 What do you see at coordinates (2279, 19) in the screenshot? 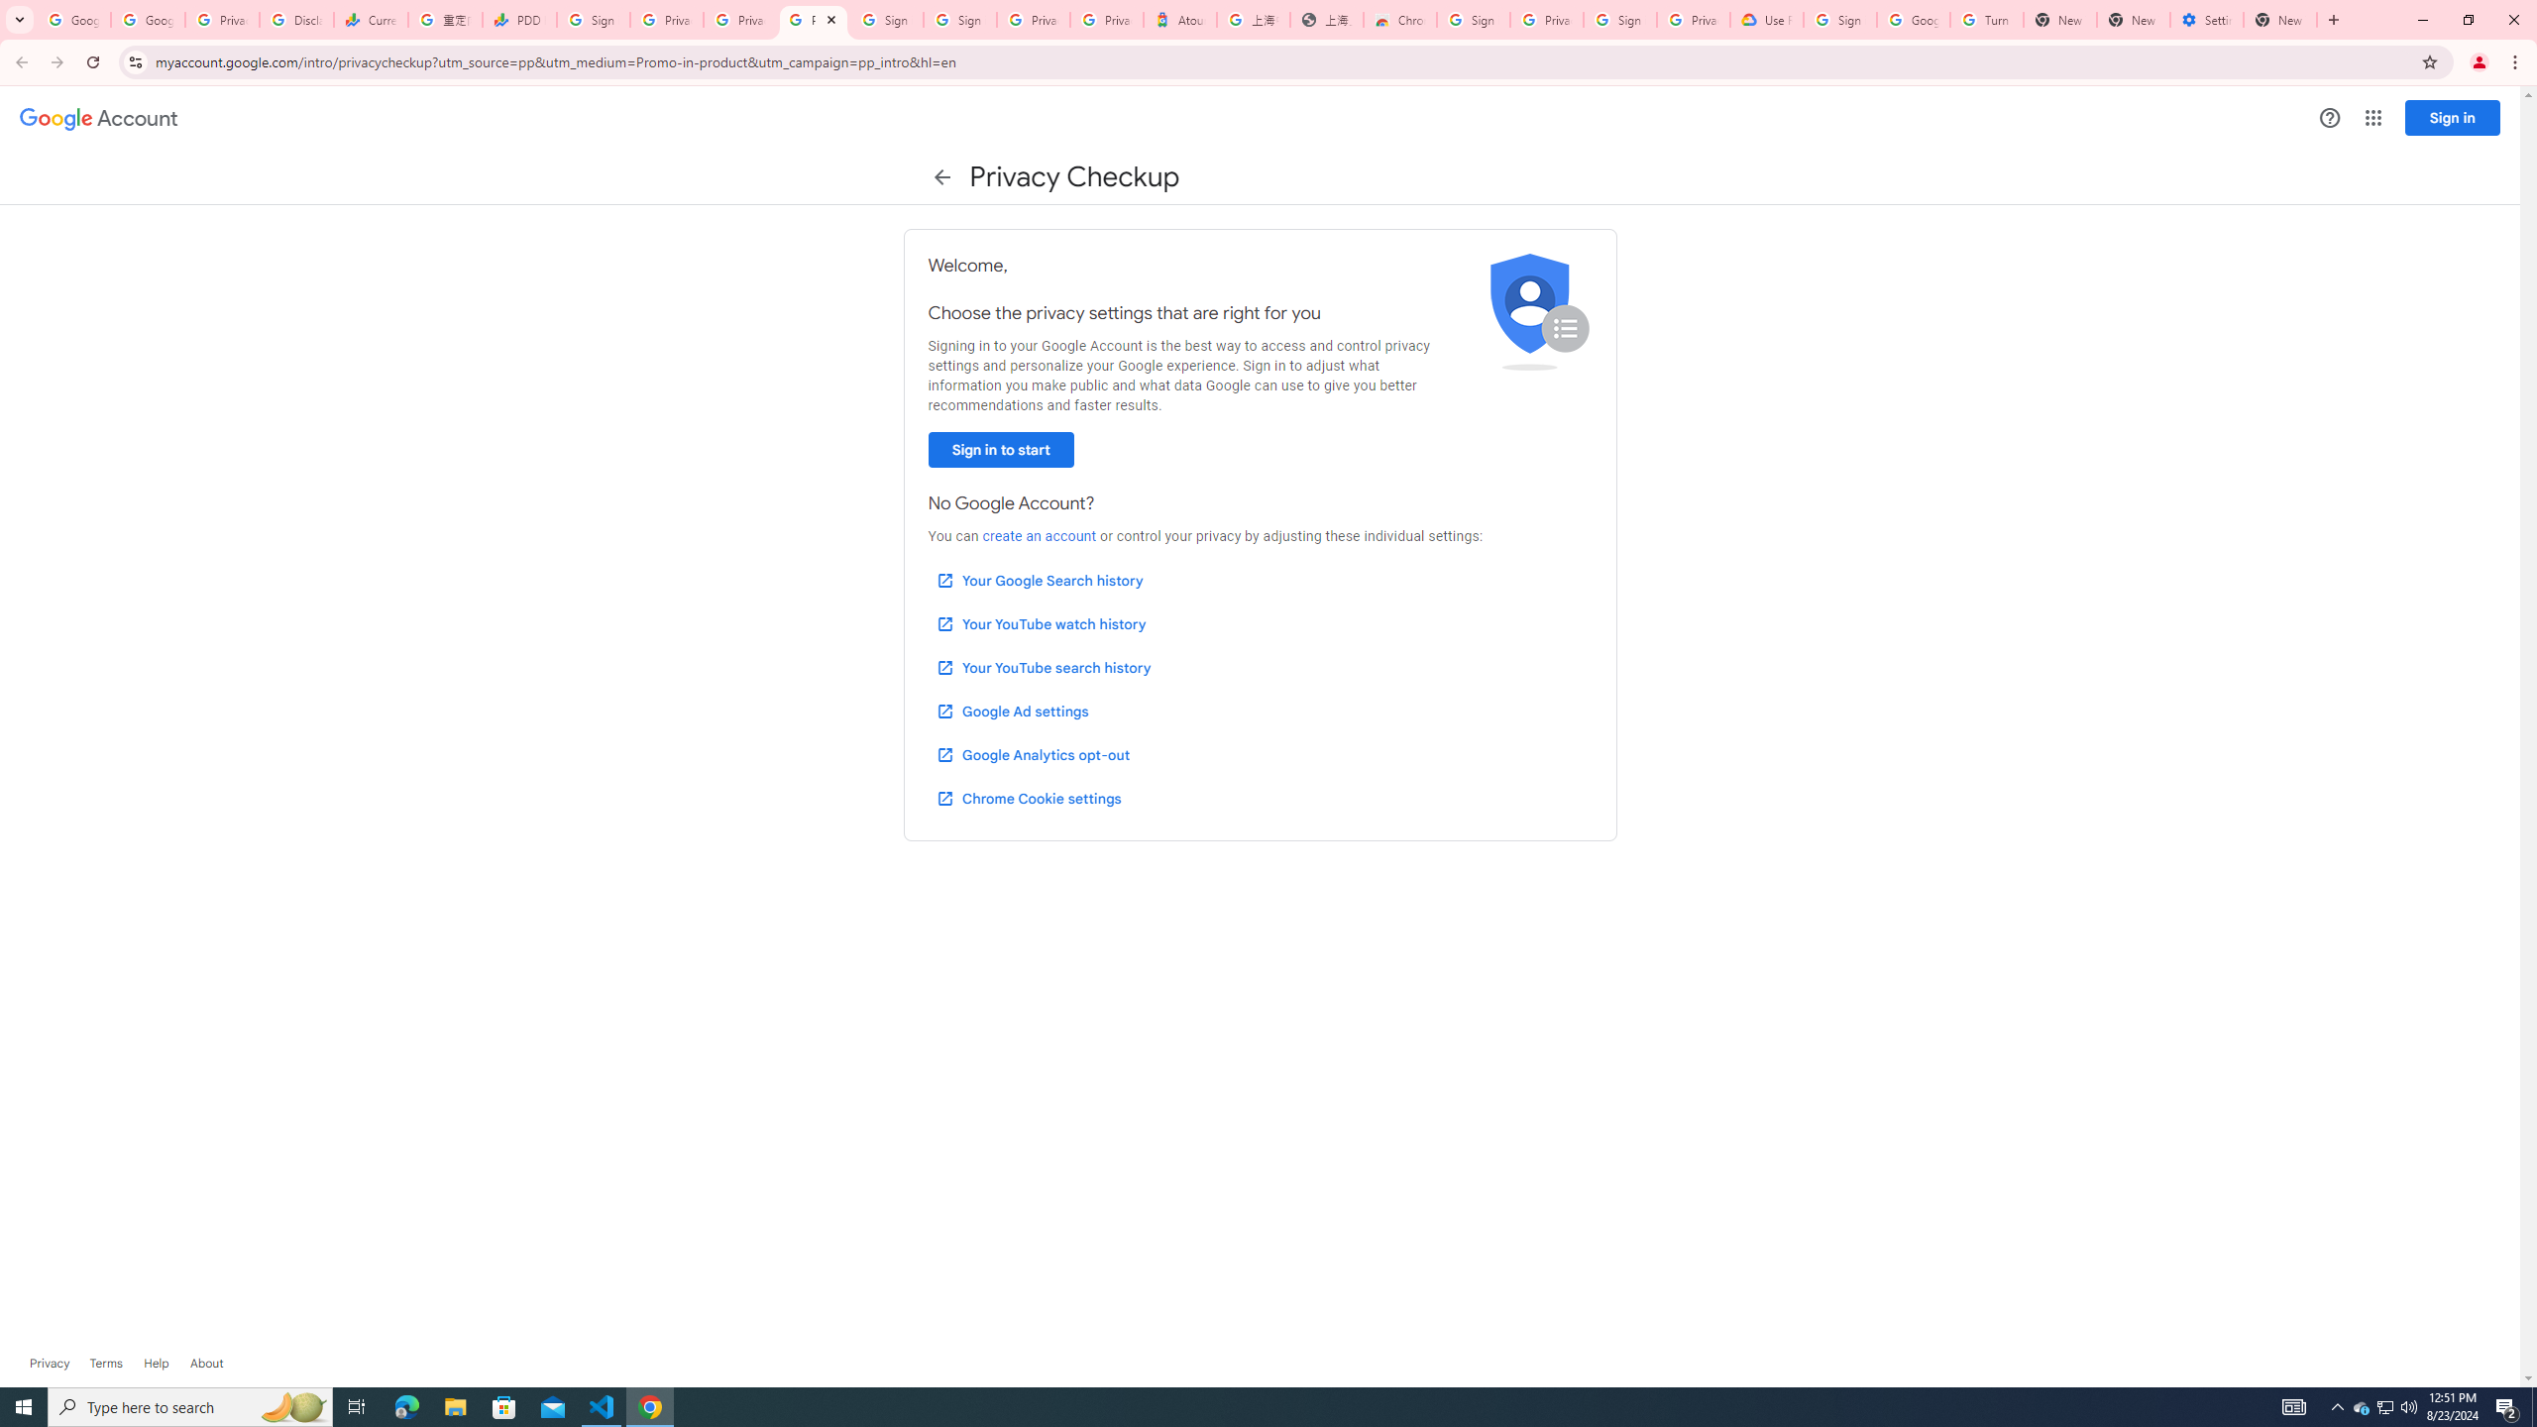
I see `'New Tab'` at bounding box center [2279, 19].